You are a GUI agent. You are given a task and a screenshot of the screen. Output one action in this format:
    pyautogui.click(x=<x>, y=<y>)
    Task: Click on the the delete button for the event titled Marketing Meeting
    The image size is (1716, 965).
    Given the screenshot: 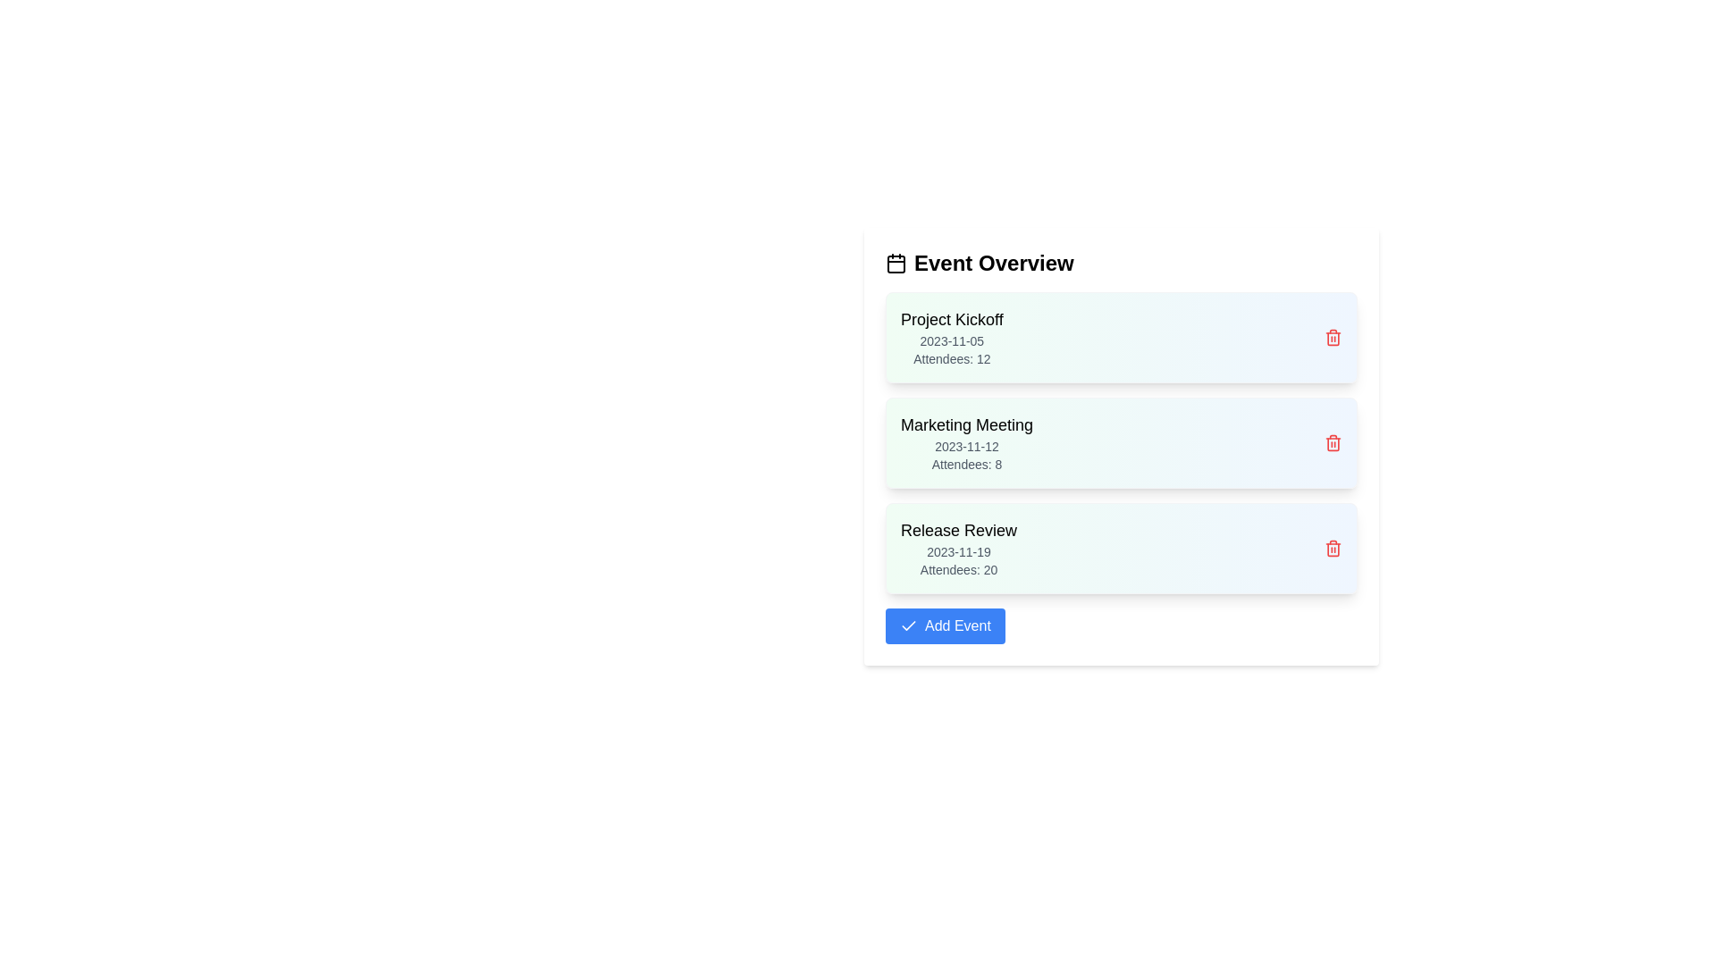 What is the action you would take?
    pyautogui.click(x=1333, y=442)
    